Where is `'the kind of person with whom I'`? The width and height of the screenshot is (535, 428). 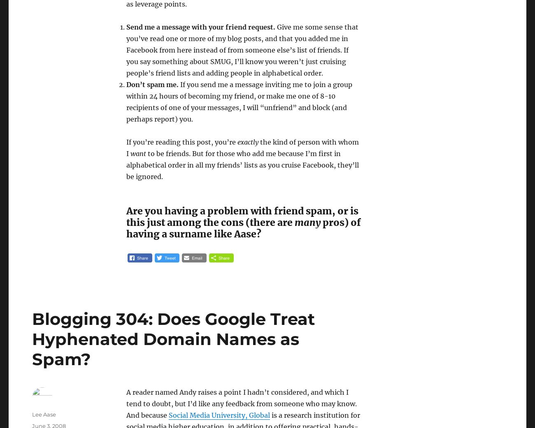 'the kind of person with whom I' is located at coordinates (242, 147).